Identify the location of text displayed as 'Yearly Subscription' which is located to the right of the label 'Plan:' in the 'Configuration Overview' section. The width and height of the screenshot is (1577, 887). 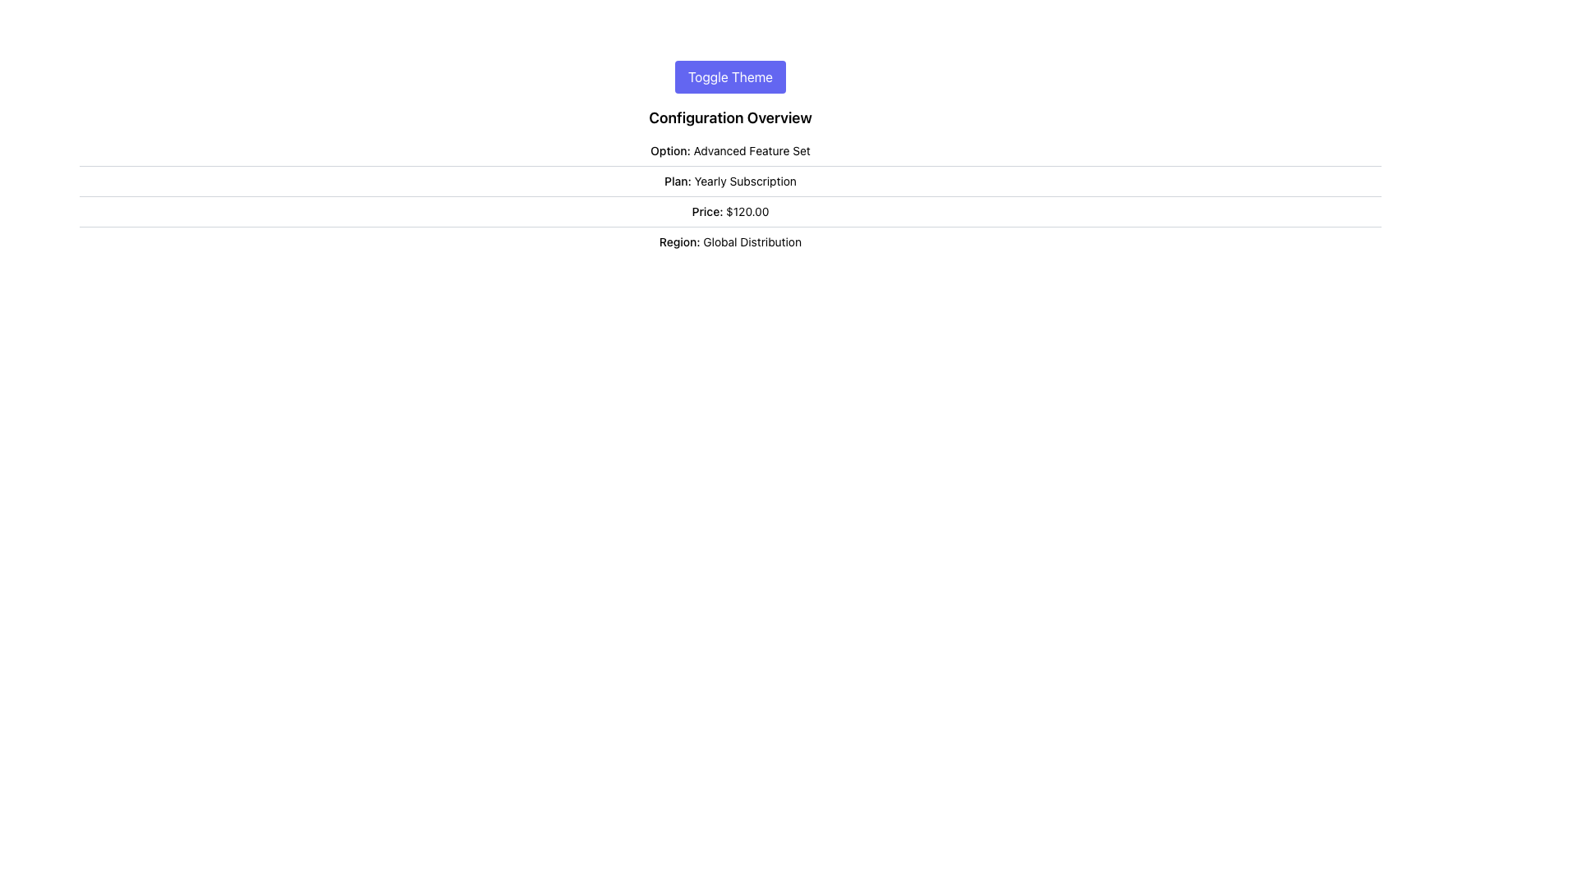
(744, 181).